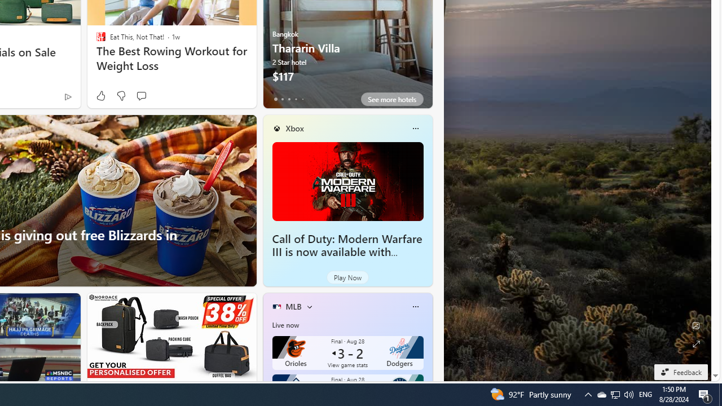 This screenshot has height=406, width=722. I want to click on 'tab-3', so click(296, 99).